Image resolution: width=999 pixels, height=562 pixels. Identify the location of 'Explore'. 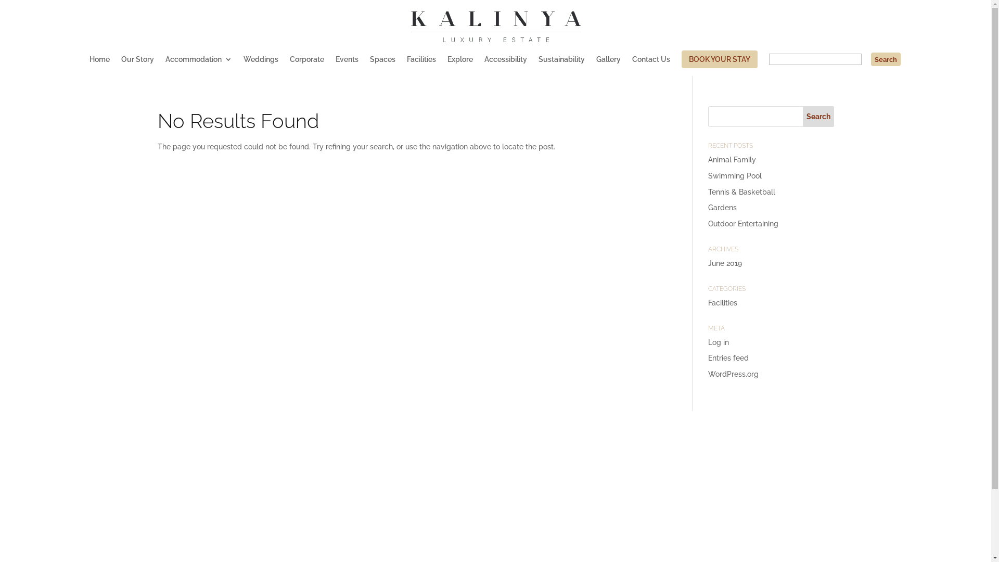
(447, 64).